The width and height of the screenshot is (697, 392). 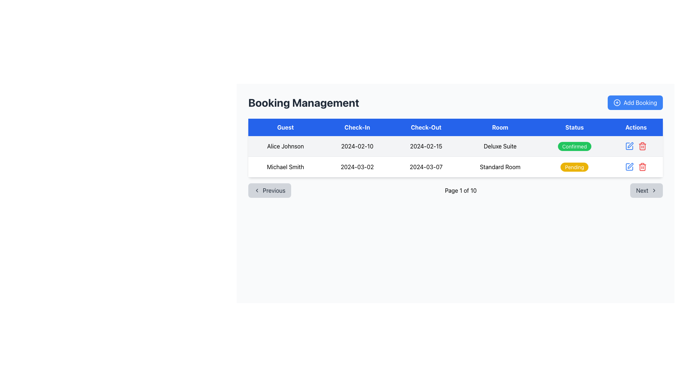 I want to click on the first row of the data table displaying booking details, which includes guest information, dates, room type, and status, so click(x=455, y=146).